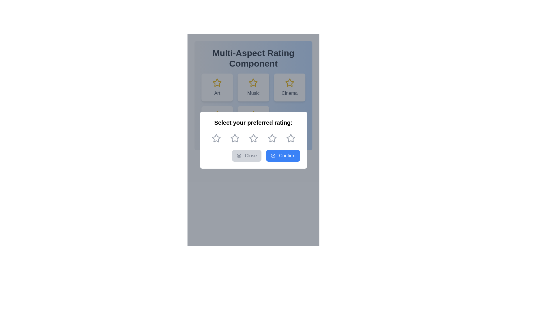 The image size is (559, 314). What do you see at coordinates (291, 138) in the screenshot?
I see `the fourth star icon in the rating dialog, which is styled in a clean, outlined format and represents a rating option` at bounding box center [291, 138].